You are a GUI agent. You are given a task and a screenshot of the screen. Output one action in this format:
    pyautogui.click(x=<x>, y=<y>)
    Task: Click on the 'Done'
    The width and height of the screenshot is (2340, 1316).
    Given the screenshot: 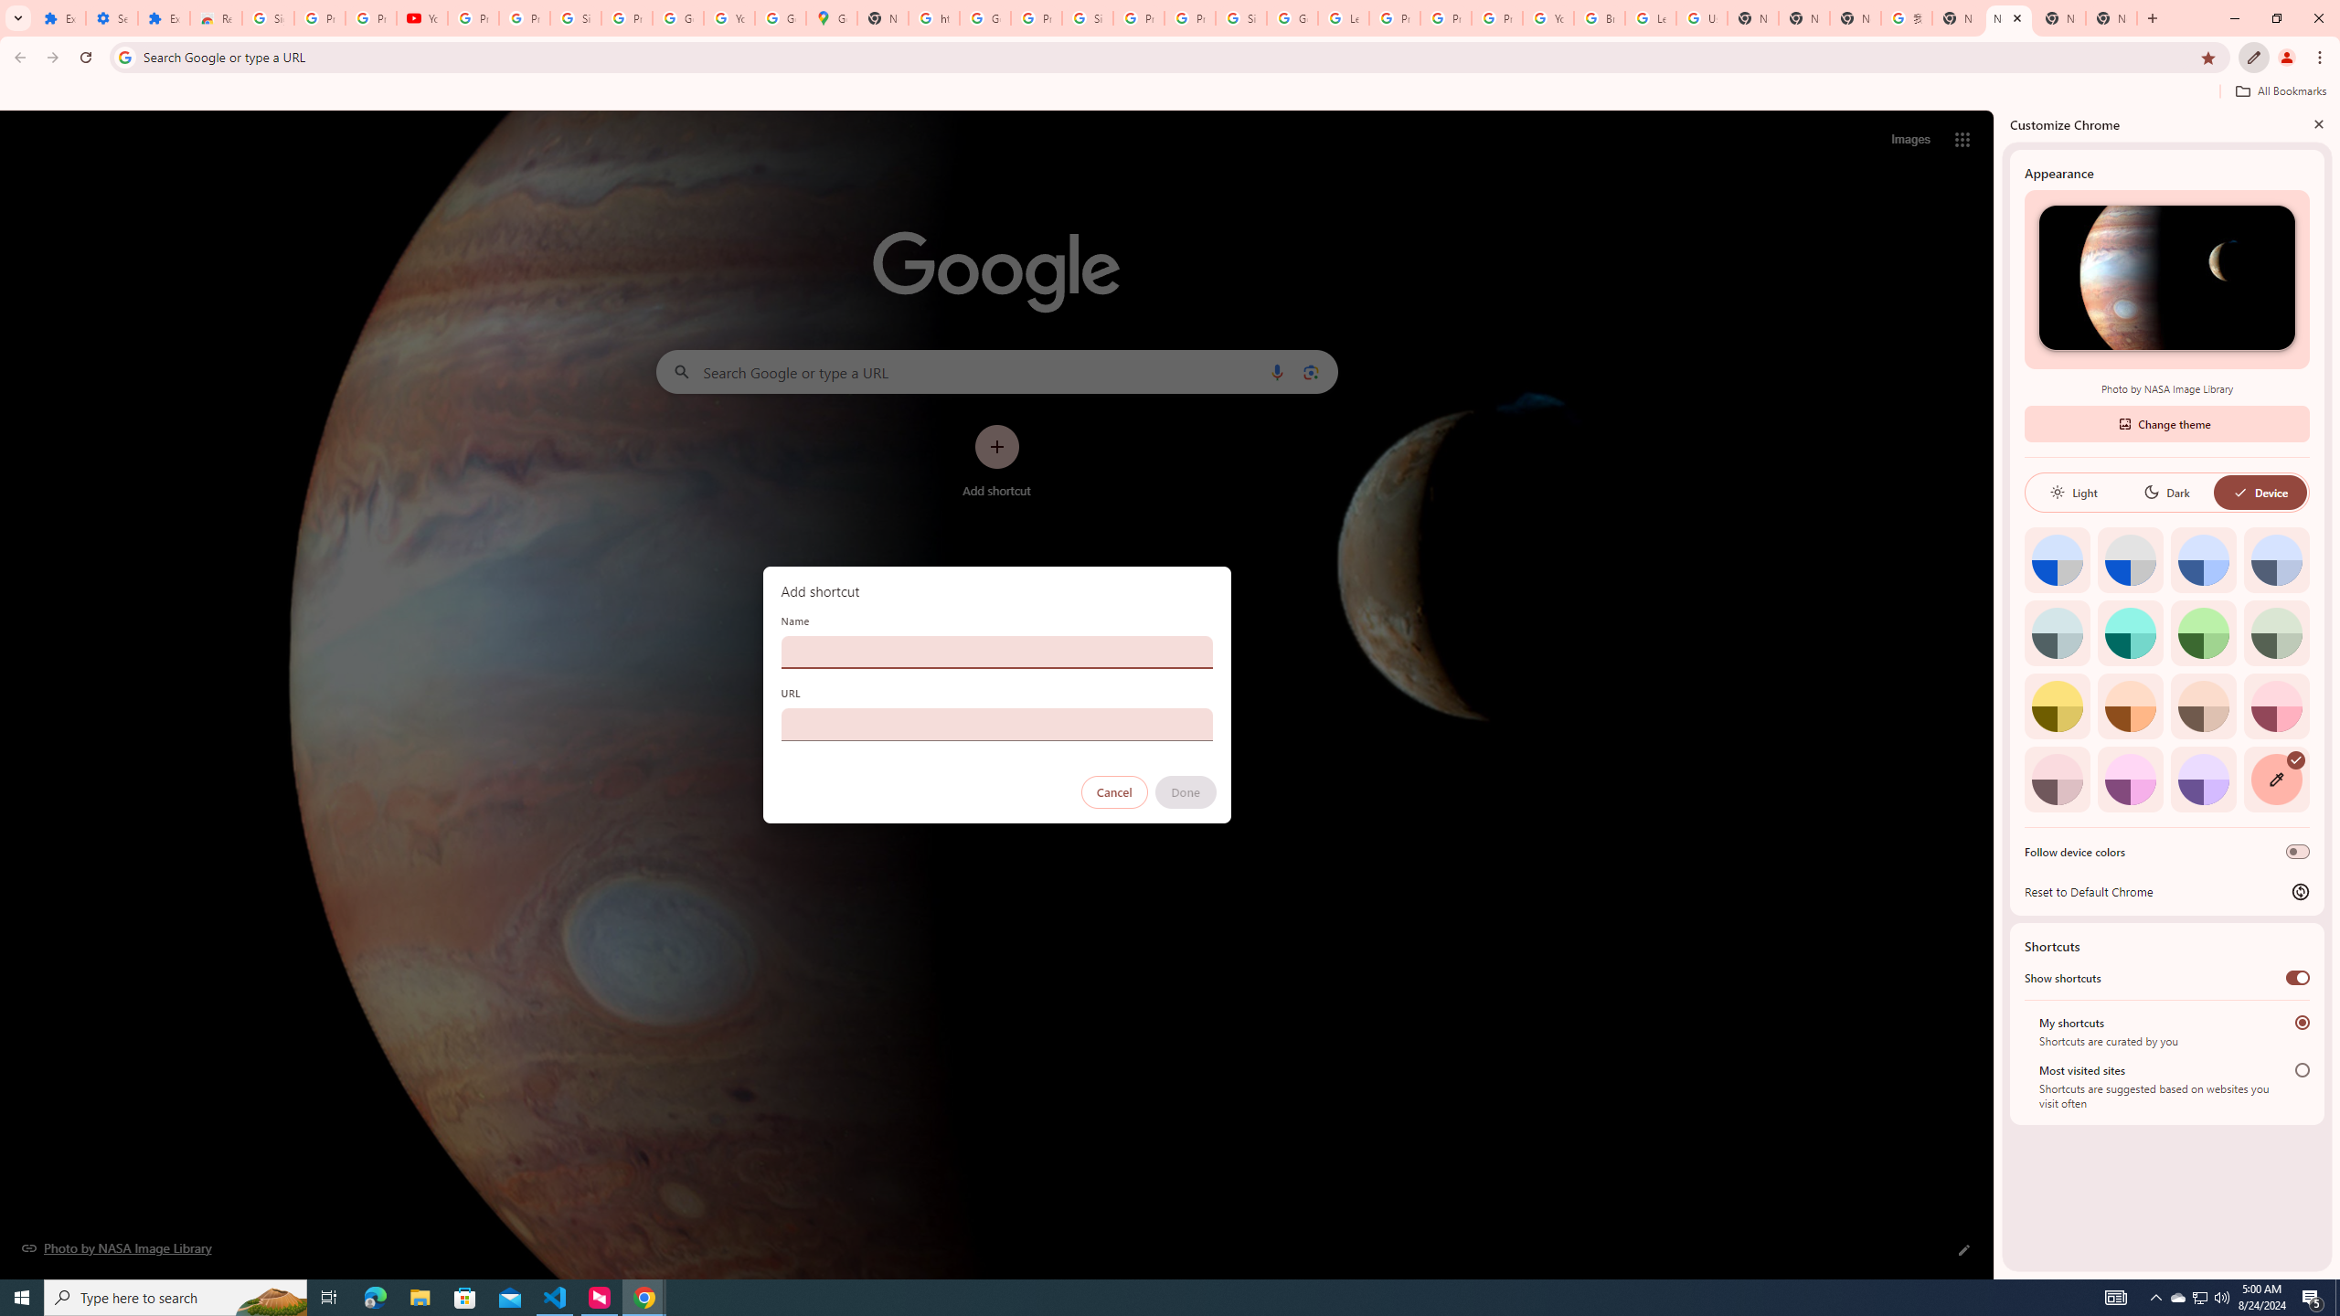 What is the action you would take?
    pyautogui.click(x=1185, y=791)
    